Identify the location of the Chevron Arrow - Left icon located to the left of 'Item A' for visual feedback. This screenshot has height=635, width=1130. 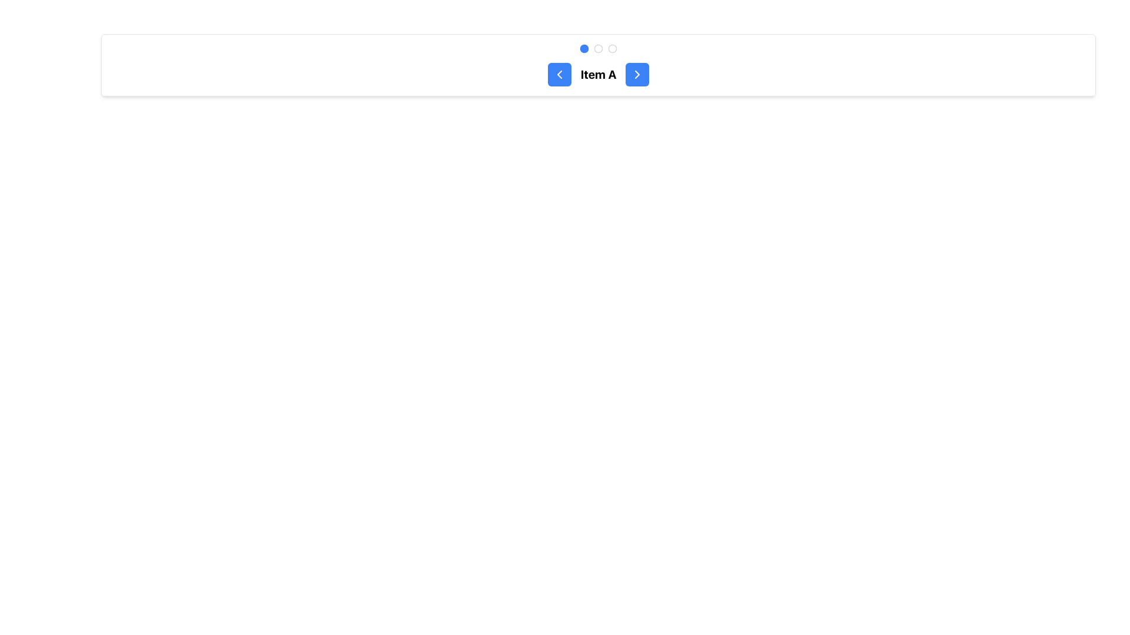
(559, 75).